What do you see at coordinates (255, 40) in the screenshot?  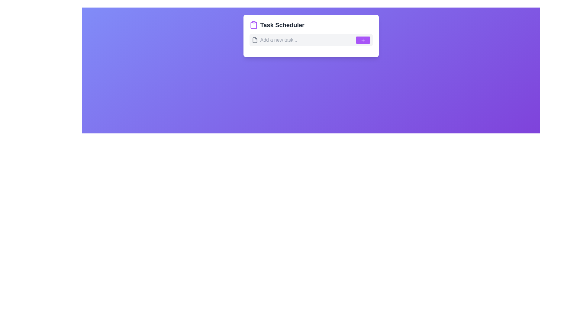 I see `the icon representing file or document functionality located to the left of the 'Add a new task...' input field` at bounding box center [255, 40].